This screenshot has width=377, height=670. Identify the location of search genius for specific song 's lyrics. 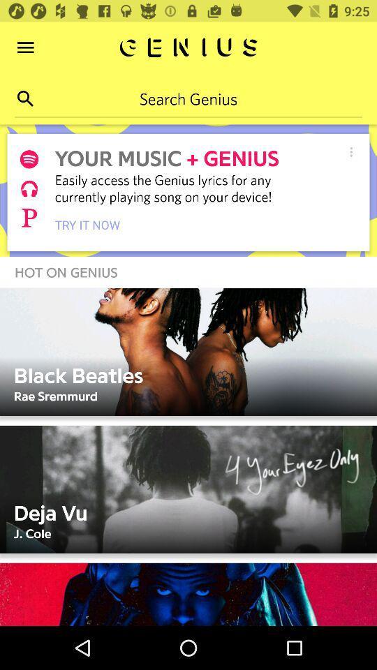
(188, 98).